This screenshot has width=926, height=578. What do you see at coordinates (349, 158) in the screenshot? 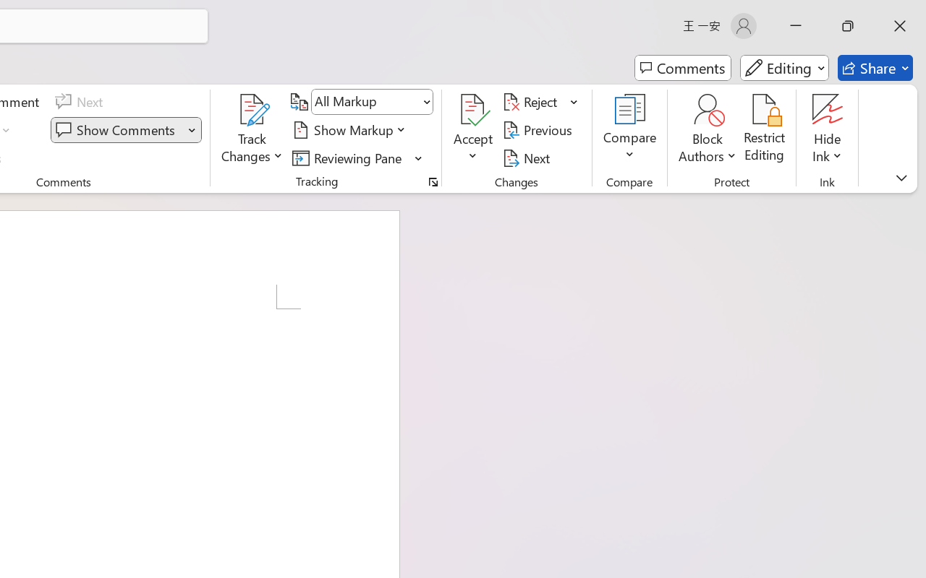
I see `'Reviewing Pane'` at bounding box center [349, 158].